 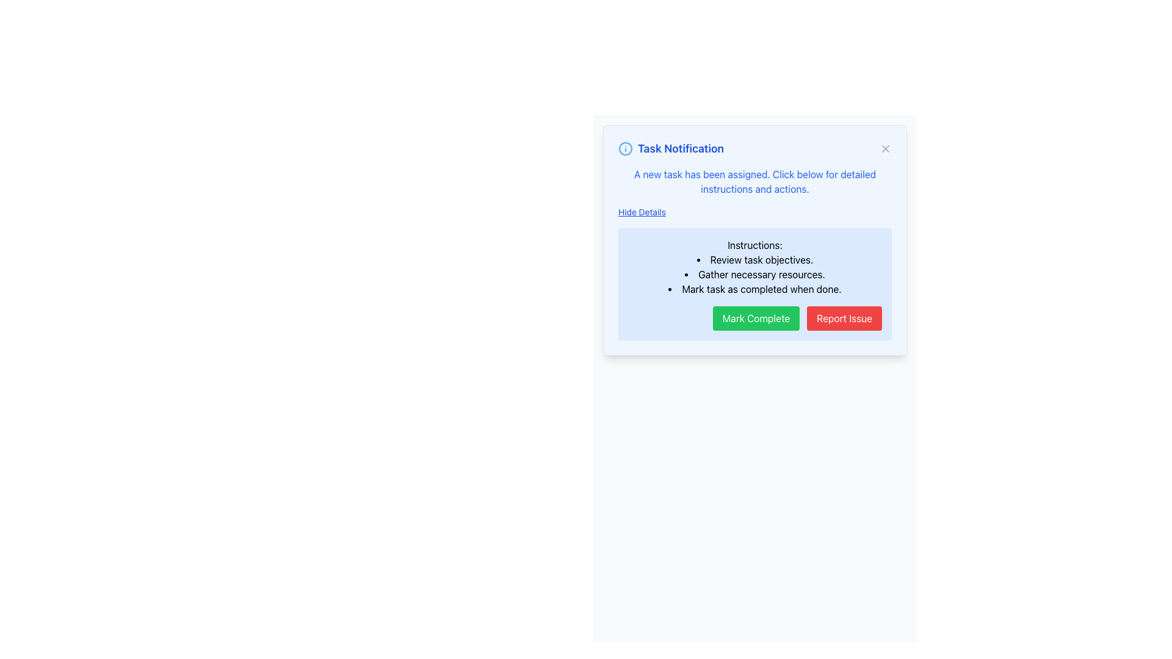 I want to click on the Text Label that serves as a title or heading for the notification panel, positioned to the right of the blue icon, so click(x=680, y=148).